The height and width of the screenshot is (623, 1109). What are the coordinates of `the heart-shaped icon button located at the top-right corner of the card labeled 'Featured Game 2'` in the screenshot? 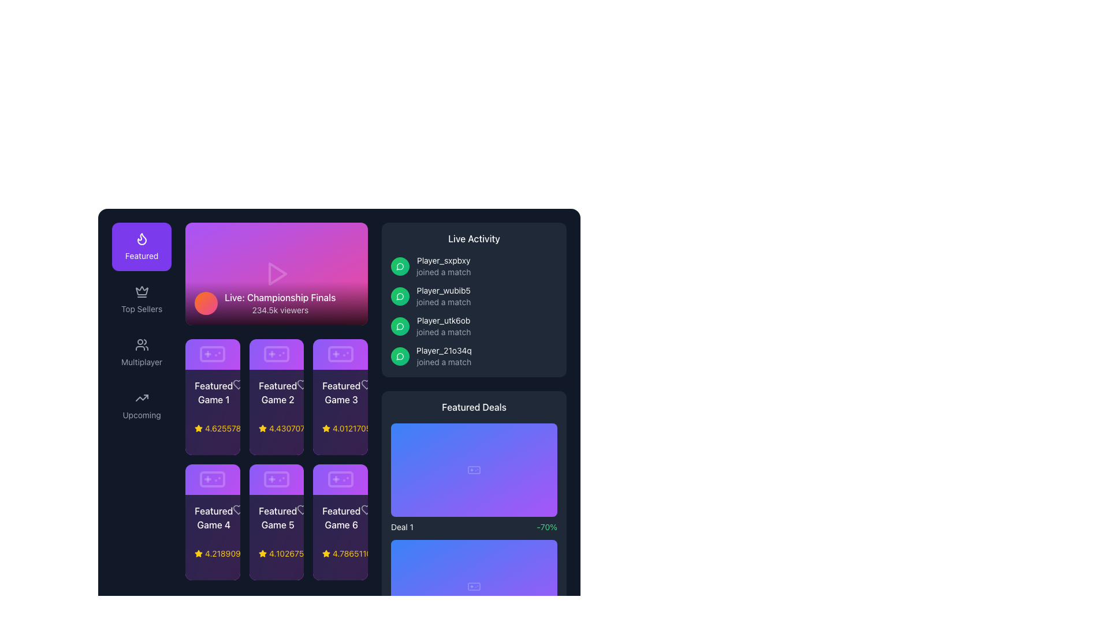 It's located at (302, 384).